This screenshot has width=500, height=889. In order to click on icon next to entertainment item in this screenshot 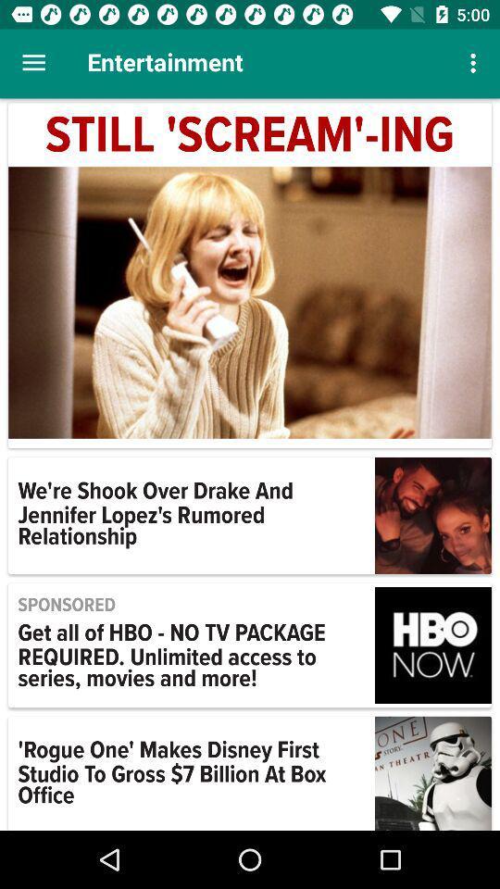, I will do `click(33, 63)`.